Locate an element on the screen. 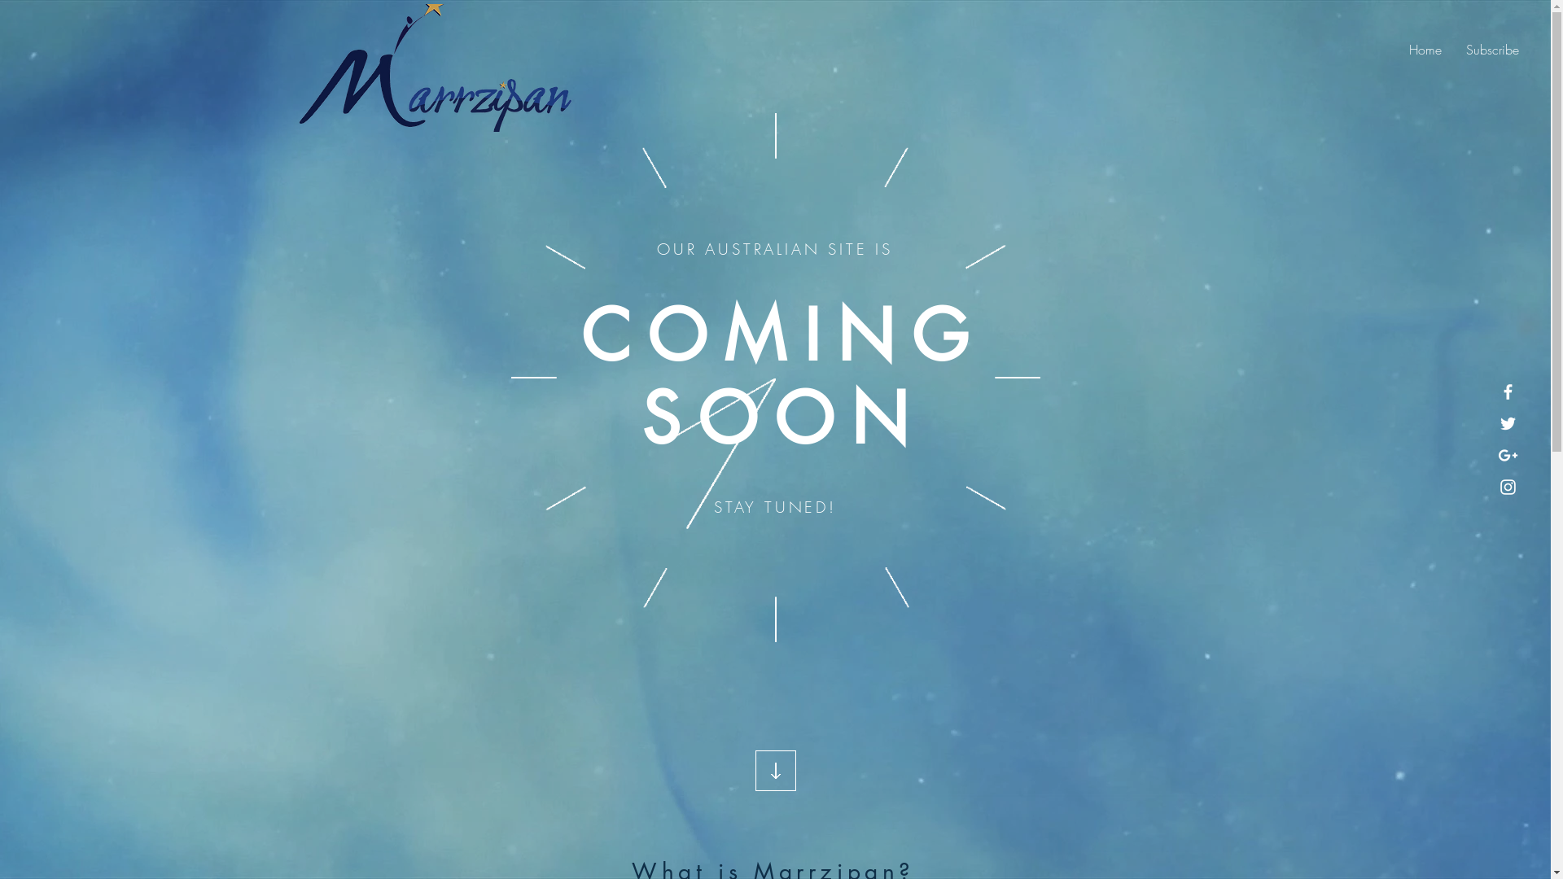 Image resolution: width=1563 pixels, height=879 pixels. 'Subscribe' is located at coordinates (1492, 49).